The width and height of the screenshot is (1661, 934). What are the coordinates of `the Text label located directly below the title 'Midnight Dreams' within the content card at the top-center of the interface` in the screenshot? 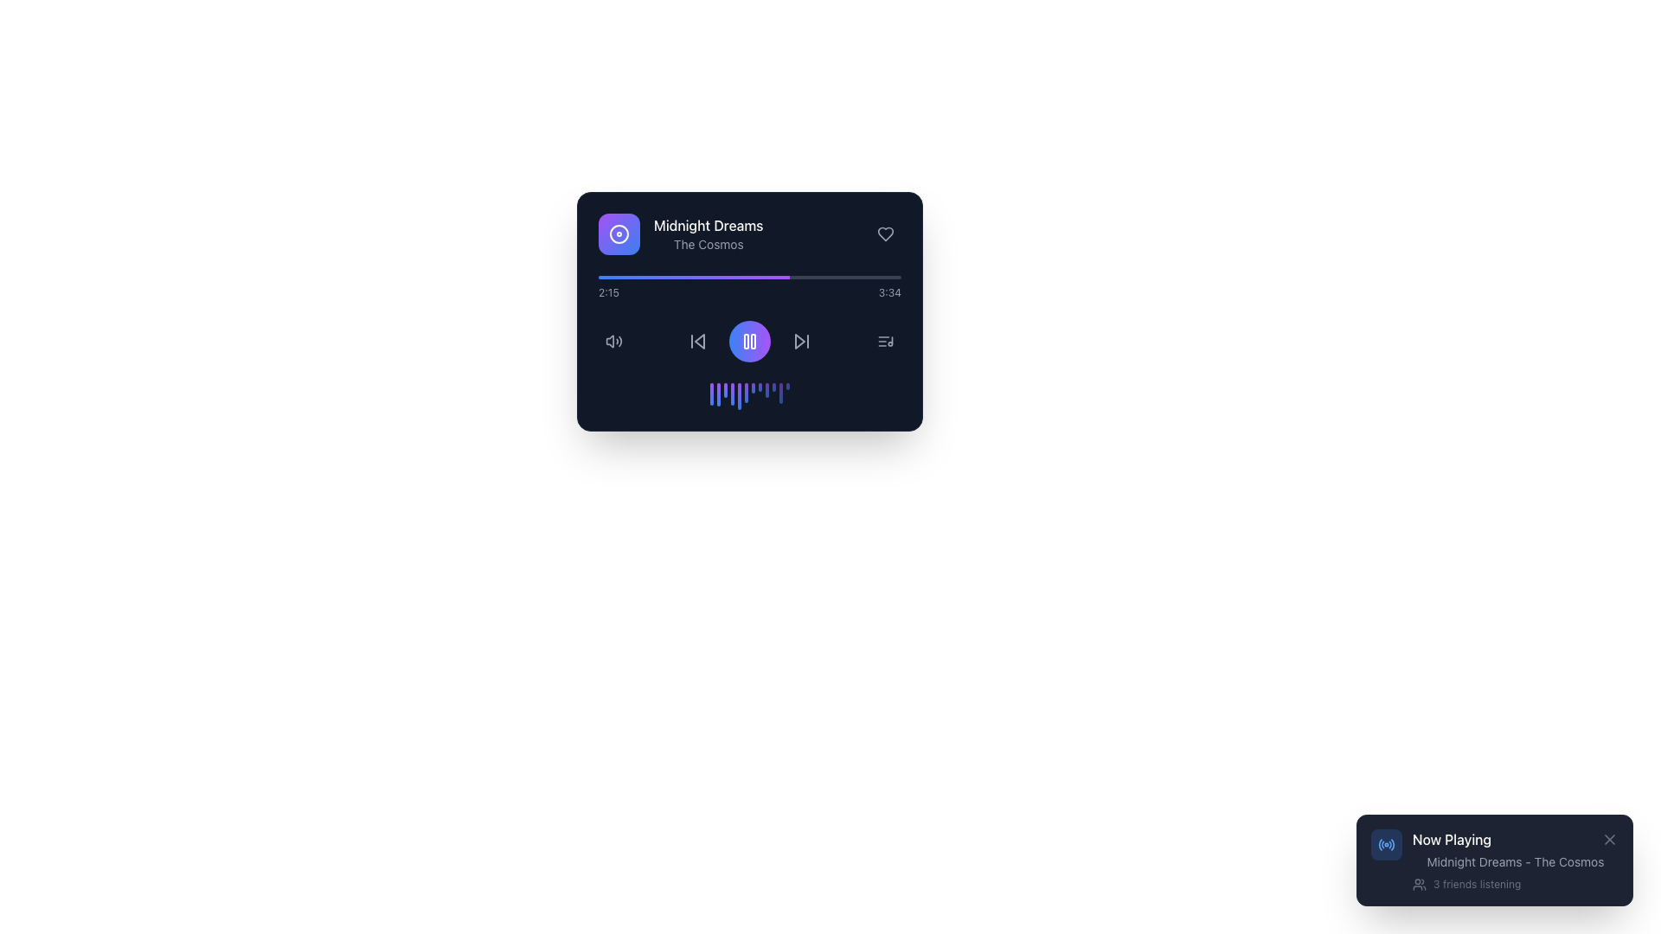 It's located at (709, 244).